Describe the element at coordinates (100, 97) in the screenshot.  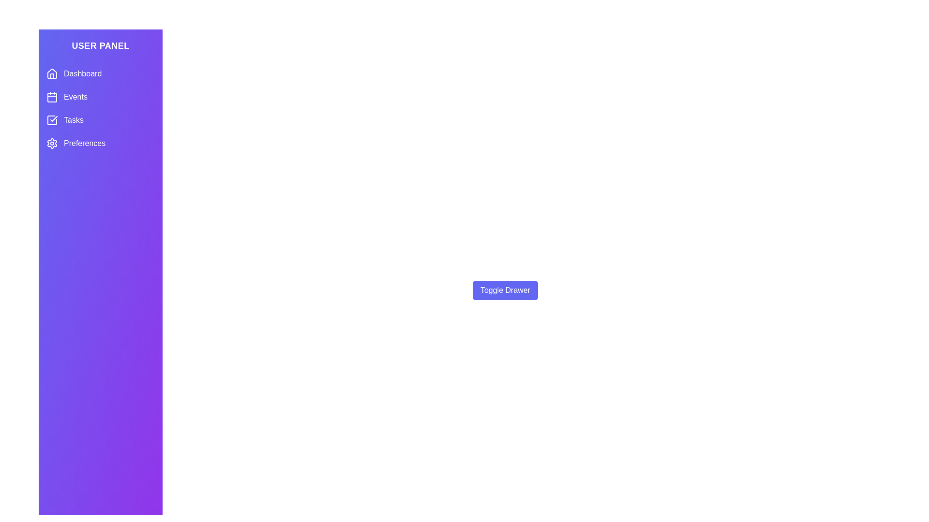
I see `the menu item Events from the menu` at that location.